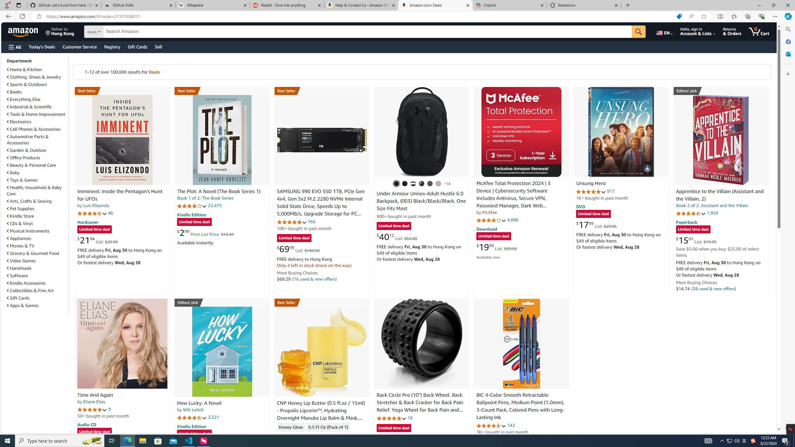 Image resolution: width=795 pixels, height=447 pixels. I want to click on 'Clothing, Shoes & Jewelry', so click(34, 76).